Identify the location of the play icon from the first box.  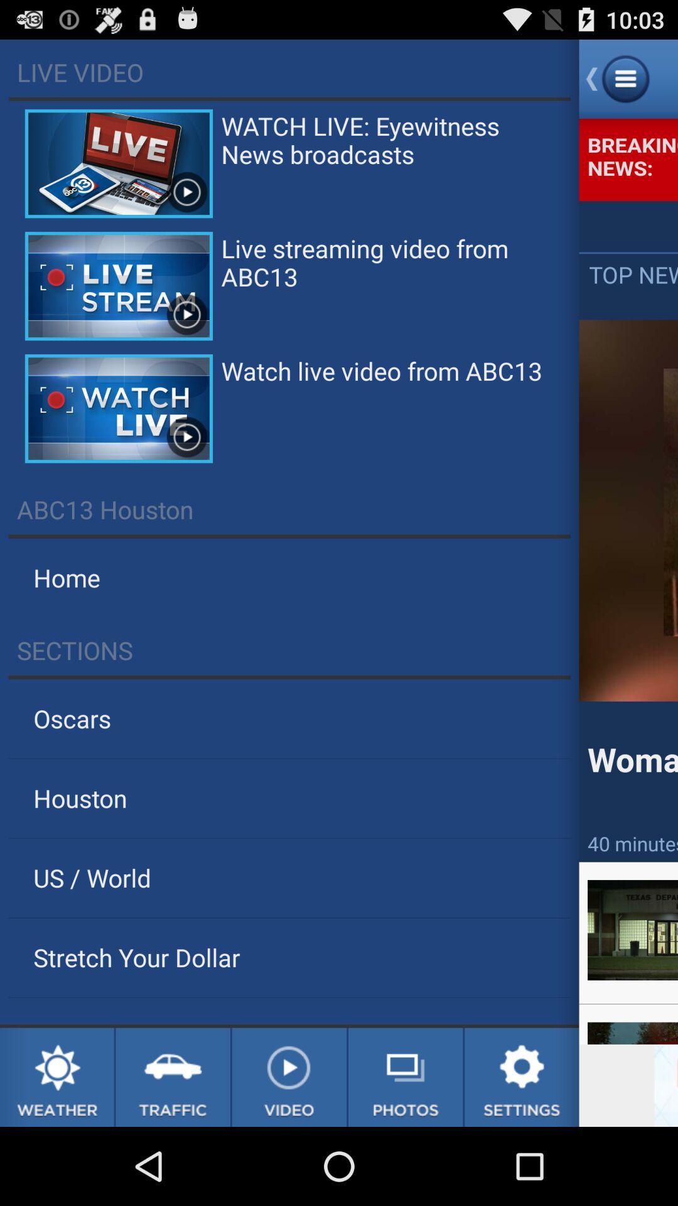
(186, 192).